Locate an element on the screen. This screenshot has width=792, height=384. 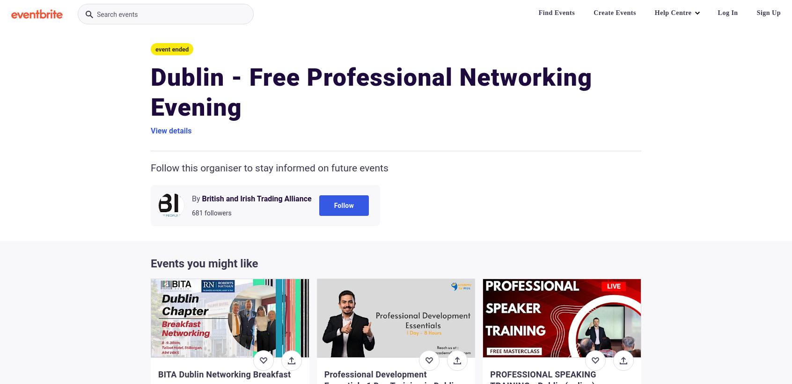
'Help Centre' is located at coordinates (654, 12).